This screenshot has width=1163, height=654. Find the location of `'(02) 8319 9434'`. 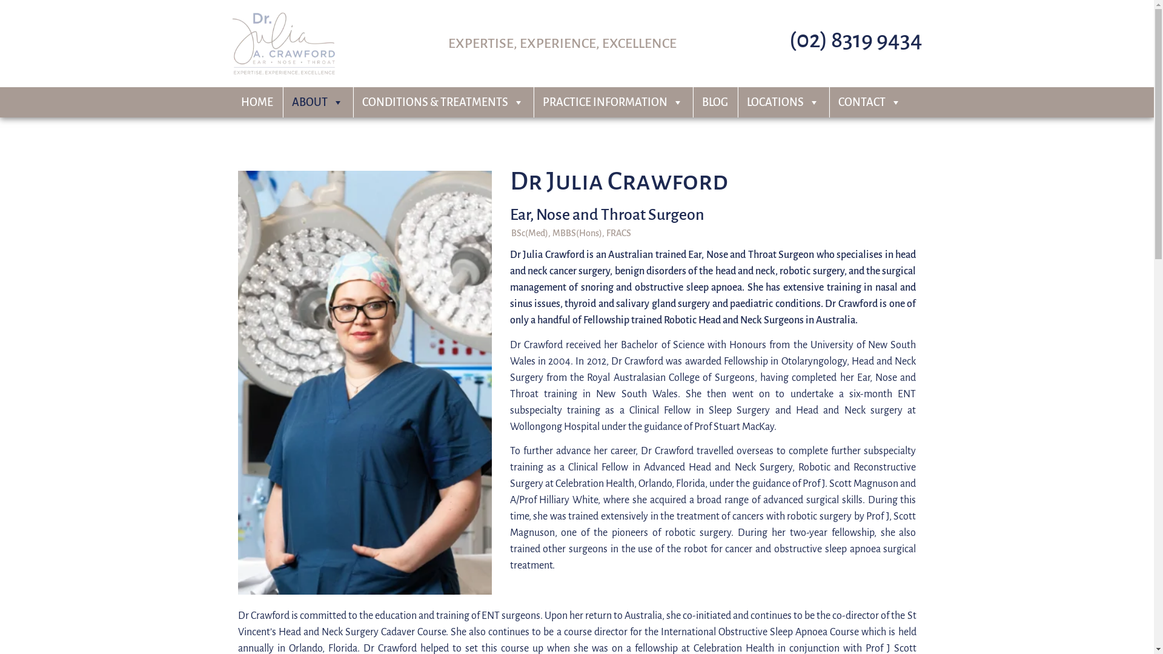

'(02) 8319 9434' is located at coordinates (854, 39).